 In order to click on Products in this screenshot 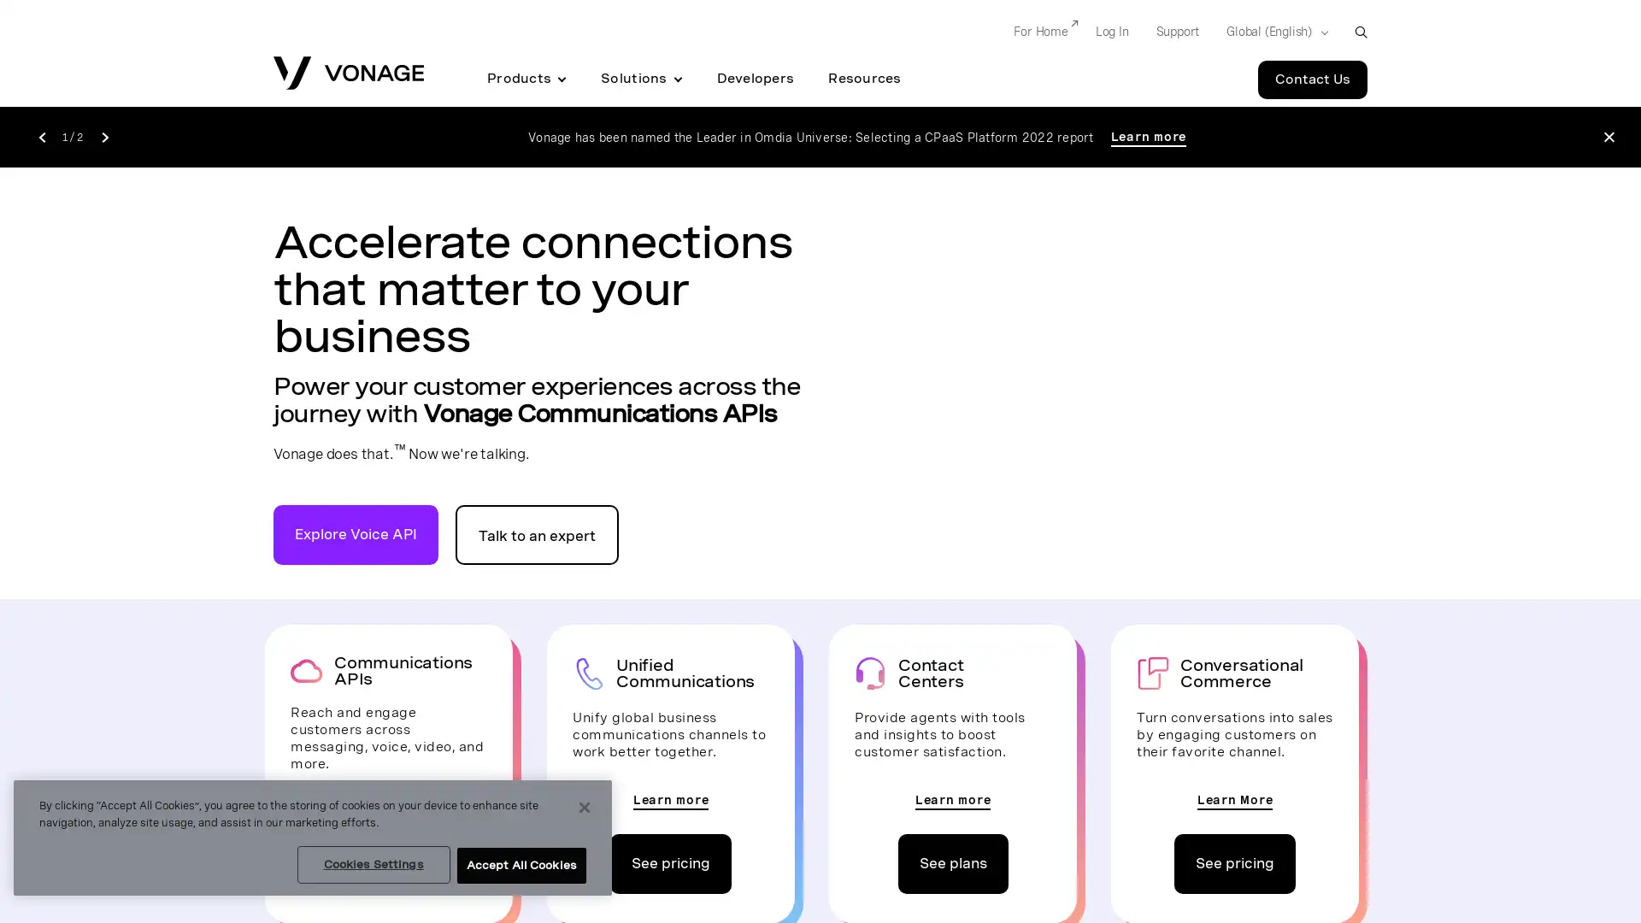, I will do `click(526, 79)`.